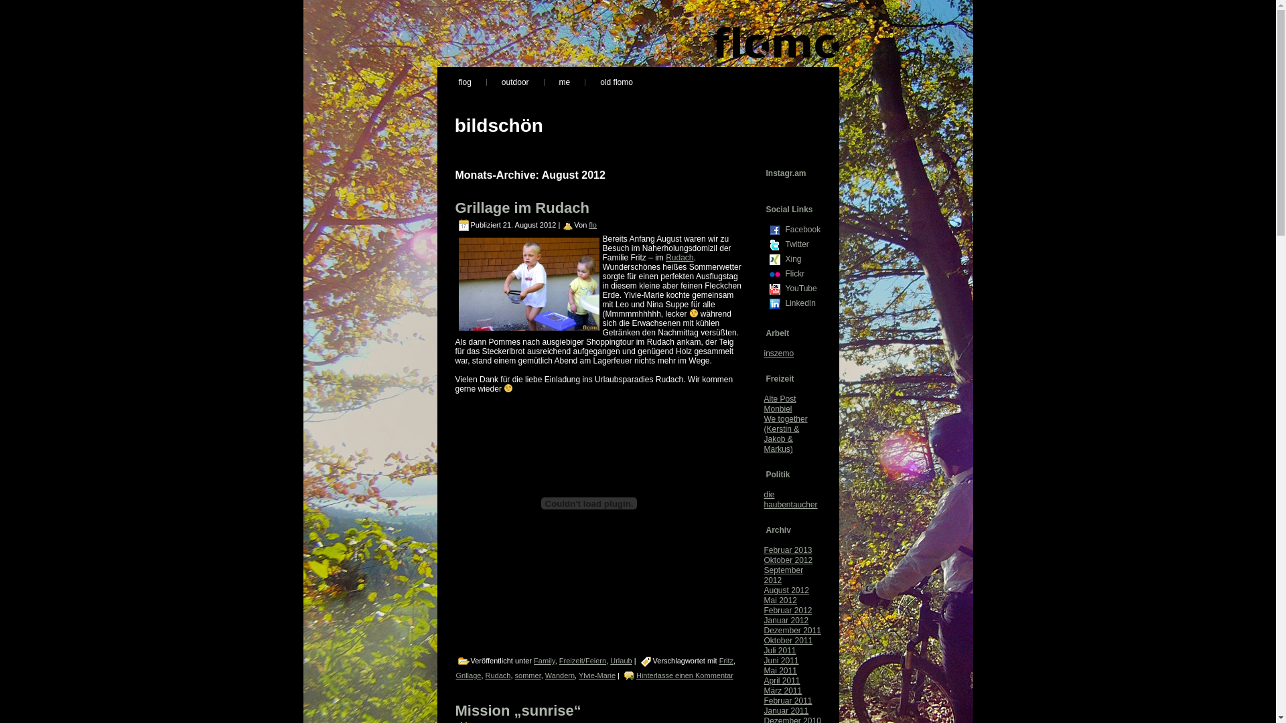 The image size is (1286, 723). Describe the element at coordinates (468, 675) in the screenshot. I see `'Grillage'` at that location.